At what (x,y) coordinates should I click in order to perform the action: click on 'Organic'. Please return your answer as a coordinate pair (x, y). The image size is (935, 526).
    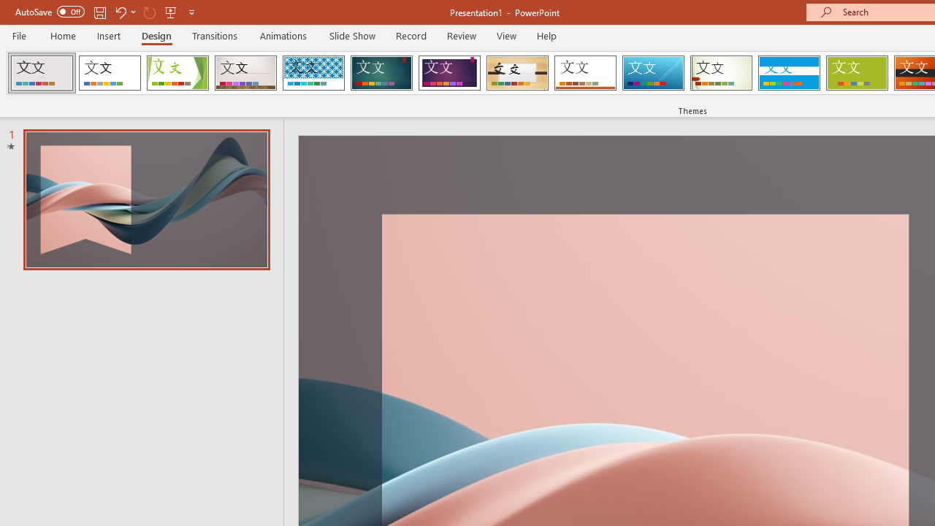
    Looking at the image, I should click on (517, 73).